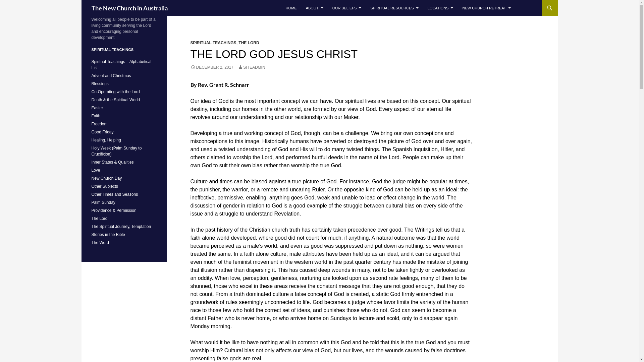 This screenshot has width=644, height=362. I want to click on 'Easter', so click(97, 107).